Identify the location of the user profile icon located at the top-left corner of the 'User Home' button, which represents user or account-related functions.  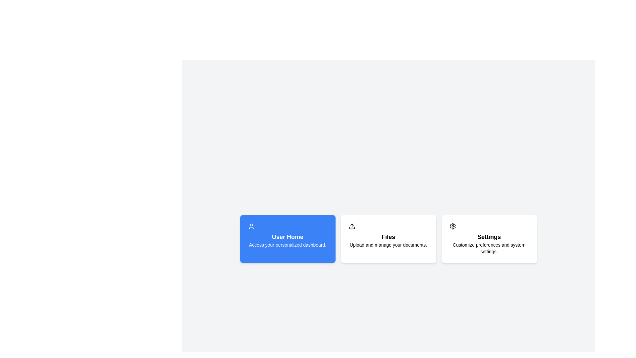
(251, 226).